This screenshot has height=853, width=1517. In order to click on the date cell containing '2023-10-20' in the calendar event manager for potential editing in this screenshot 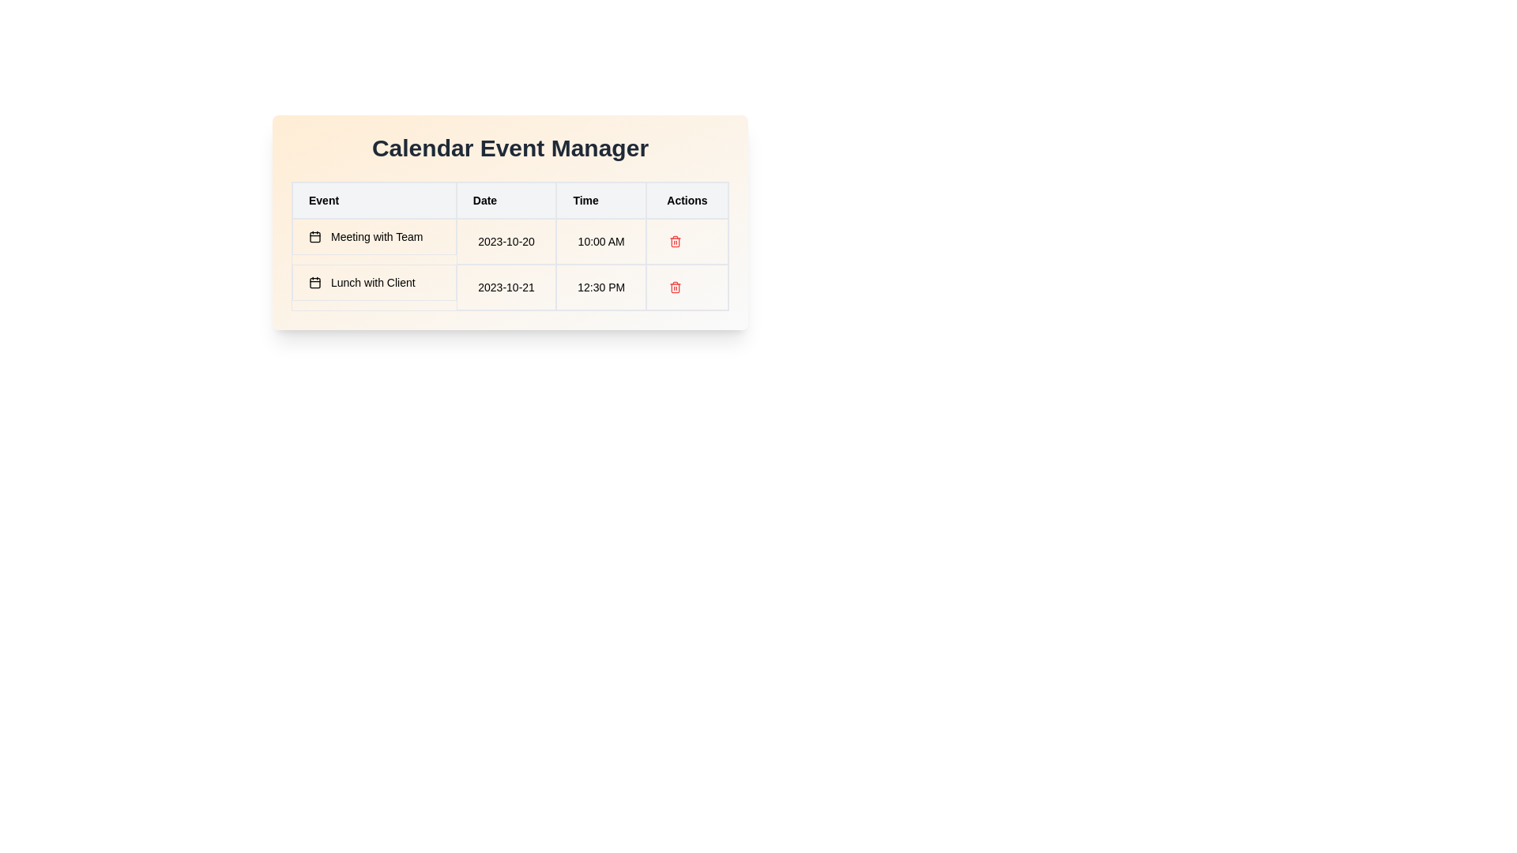, I will do `click(510, 222)`.